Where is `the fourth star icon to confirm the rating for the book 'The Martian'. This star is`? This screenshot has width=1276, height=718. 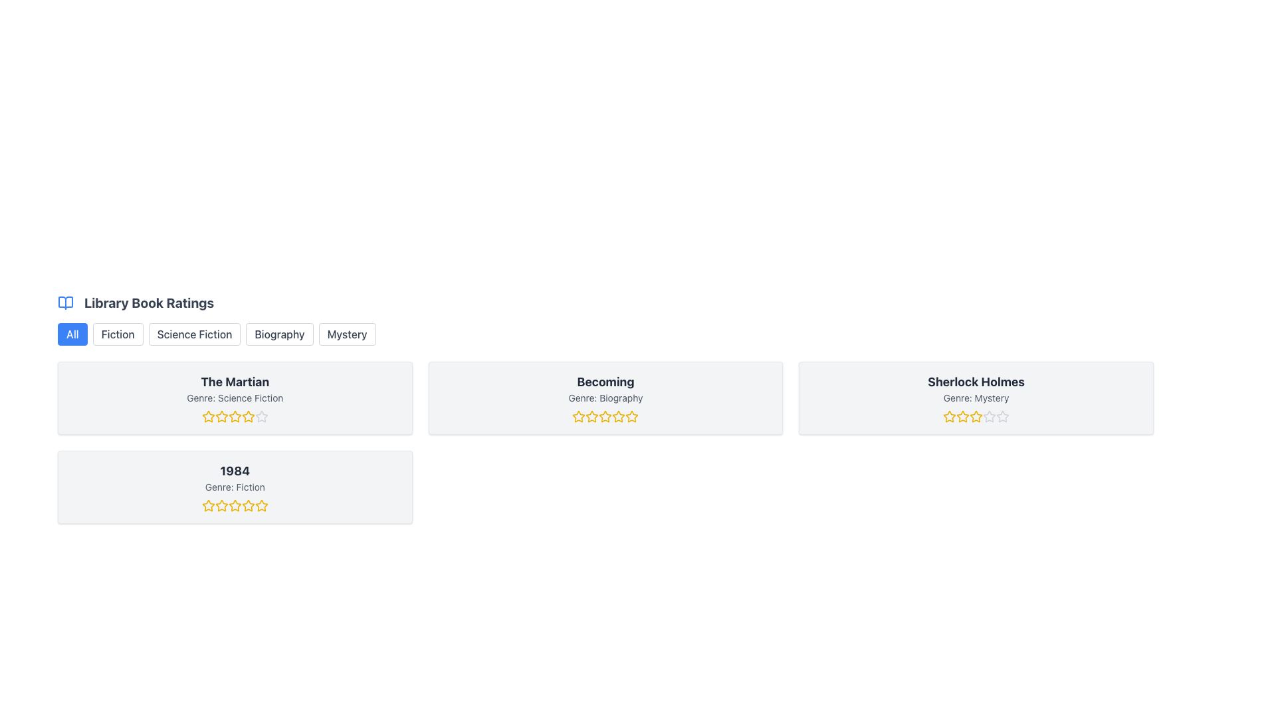 the fourth star icon to confirm the rating for the book 'The Martian'. This star is is located at coordinates (235, 416).